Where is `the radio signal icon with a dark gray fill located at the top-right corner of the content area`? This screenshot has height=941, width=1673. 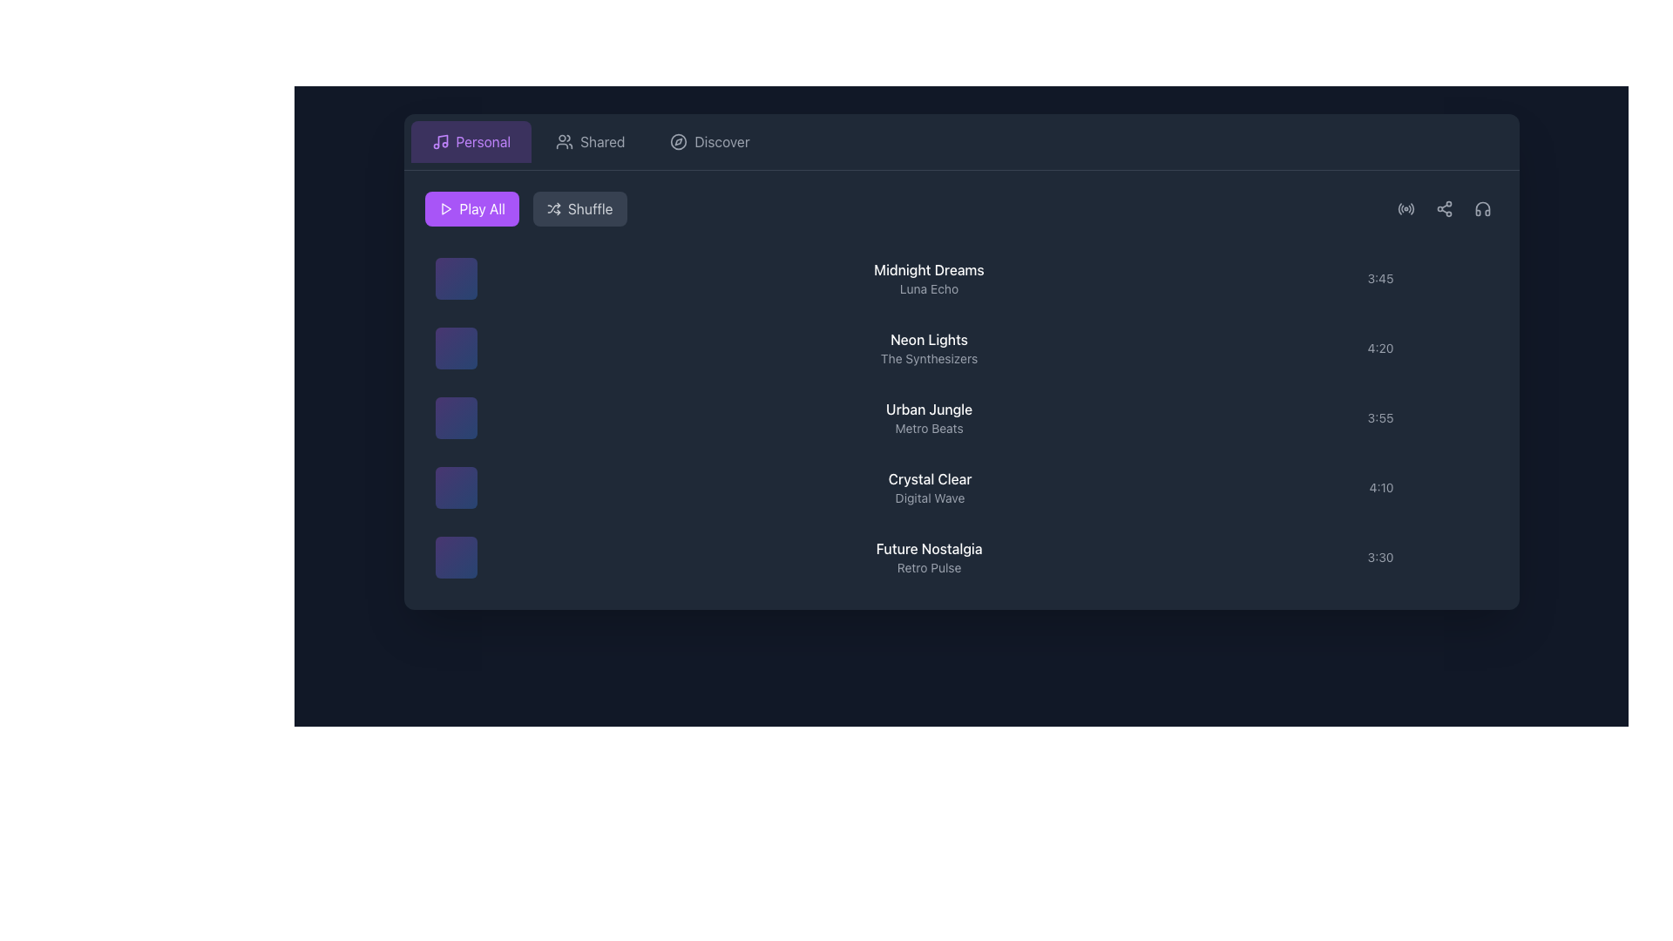
the radio signal icon with a dark gray fill located at the top-right corner of the content area is located at coordinates (1405, 207).